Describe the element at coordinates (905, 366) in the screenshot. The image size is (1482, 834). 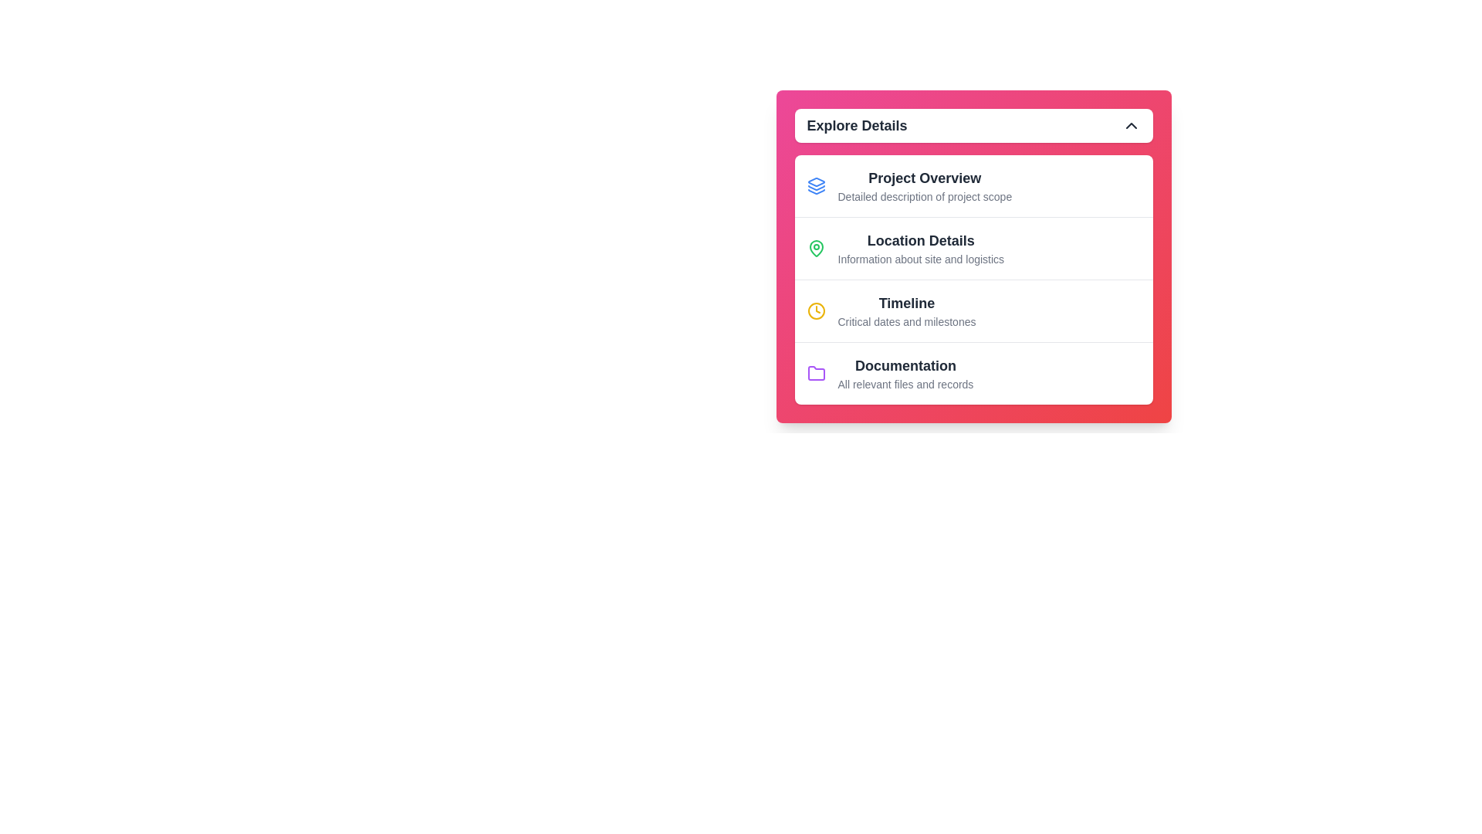
I see `the 'Documentation' text label, which is a prominent title in the fourth section of the 'Explore Details' panel` at that location.